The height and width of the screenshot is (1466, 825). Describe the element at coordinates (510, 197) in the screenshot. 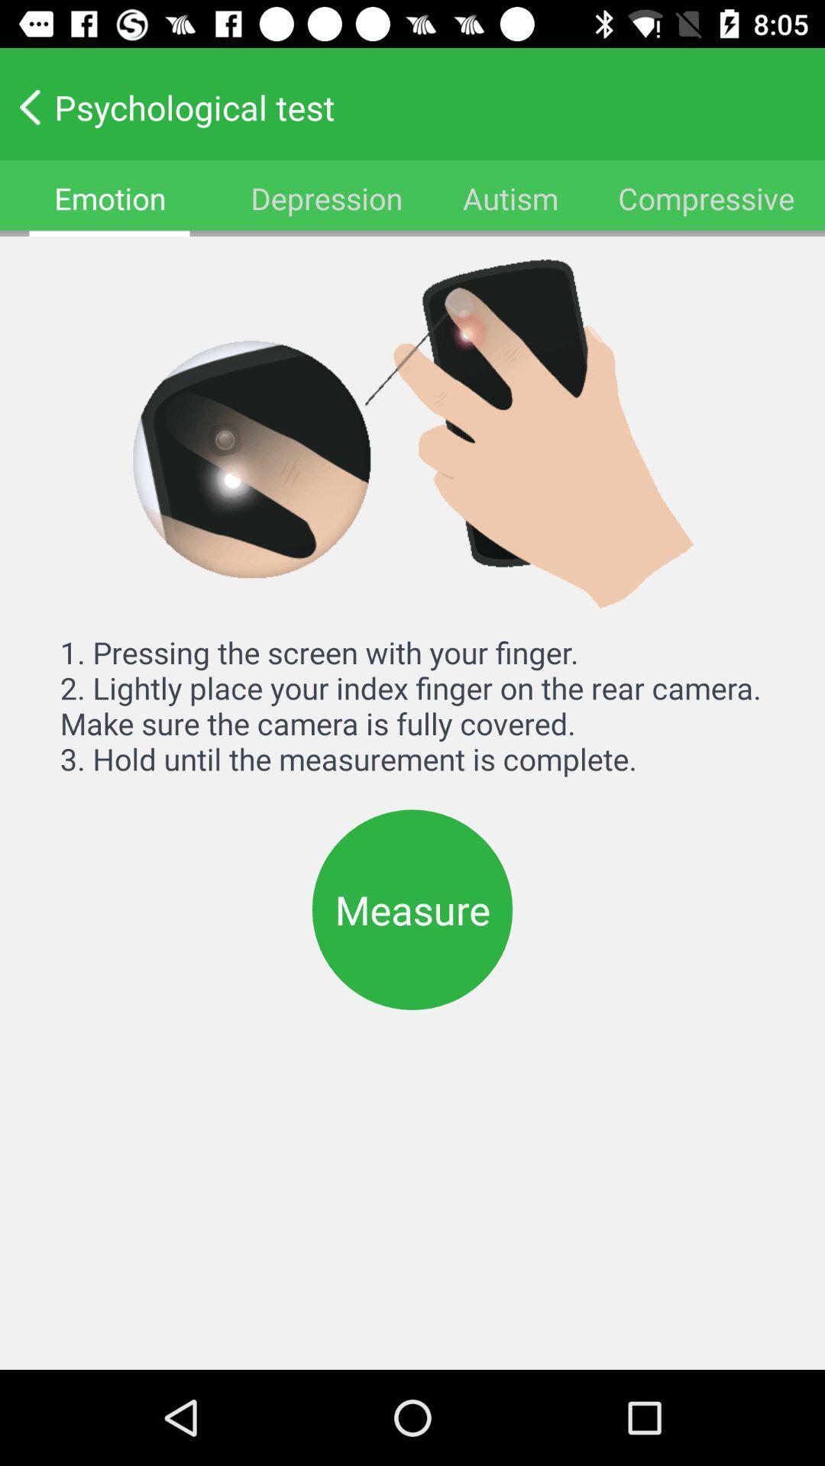

I see `icon next to the depression icon` at that location.